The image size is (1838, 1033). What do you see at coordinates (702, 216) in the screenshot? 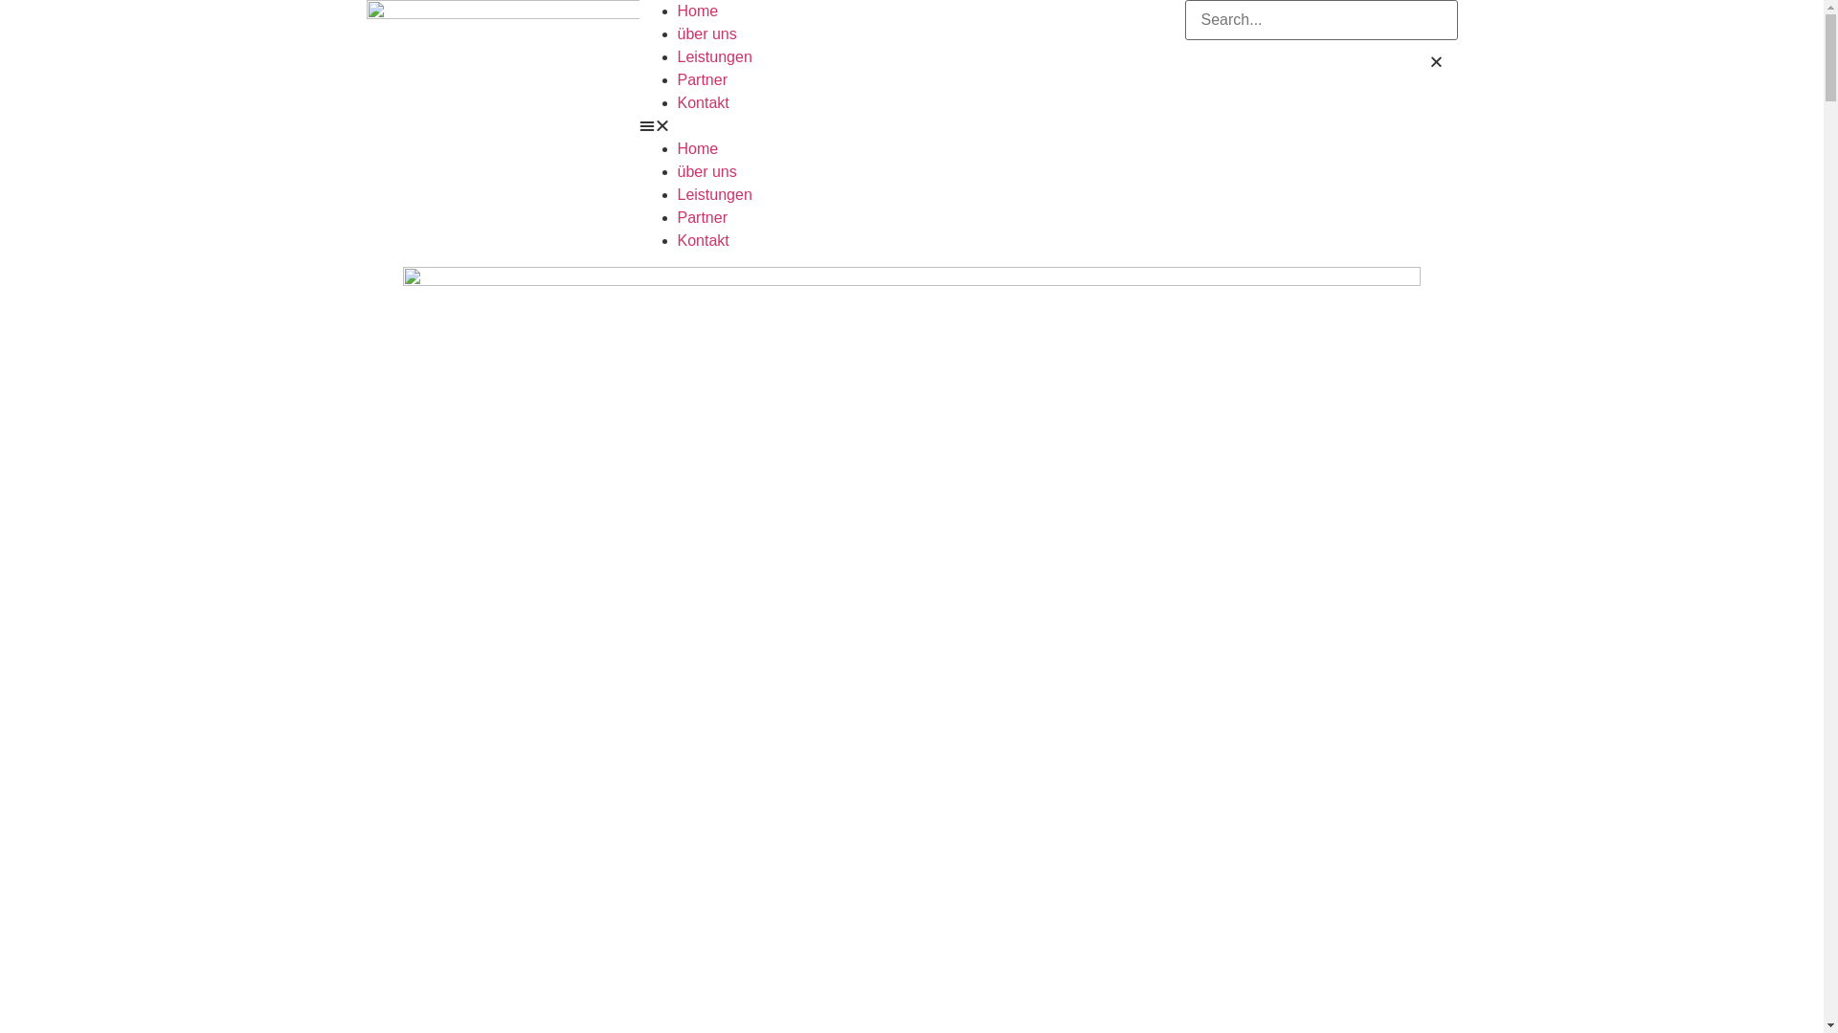
I see `'Partner'` at bounding box center [702, 216].